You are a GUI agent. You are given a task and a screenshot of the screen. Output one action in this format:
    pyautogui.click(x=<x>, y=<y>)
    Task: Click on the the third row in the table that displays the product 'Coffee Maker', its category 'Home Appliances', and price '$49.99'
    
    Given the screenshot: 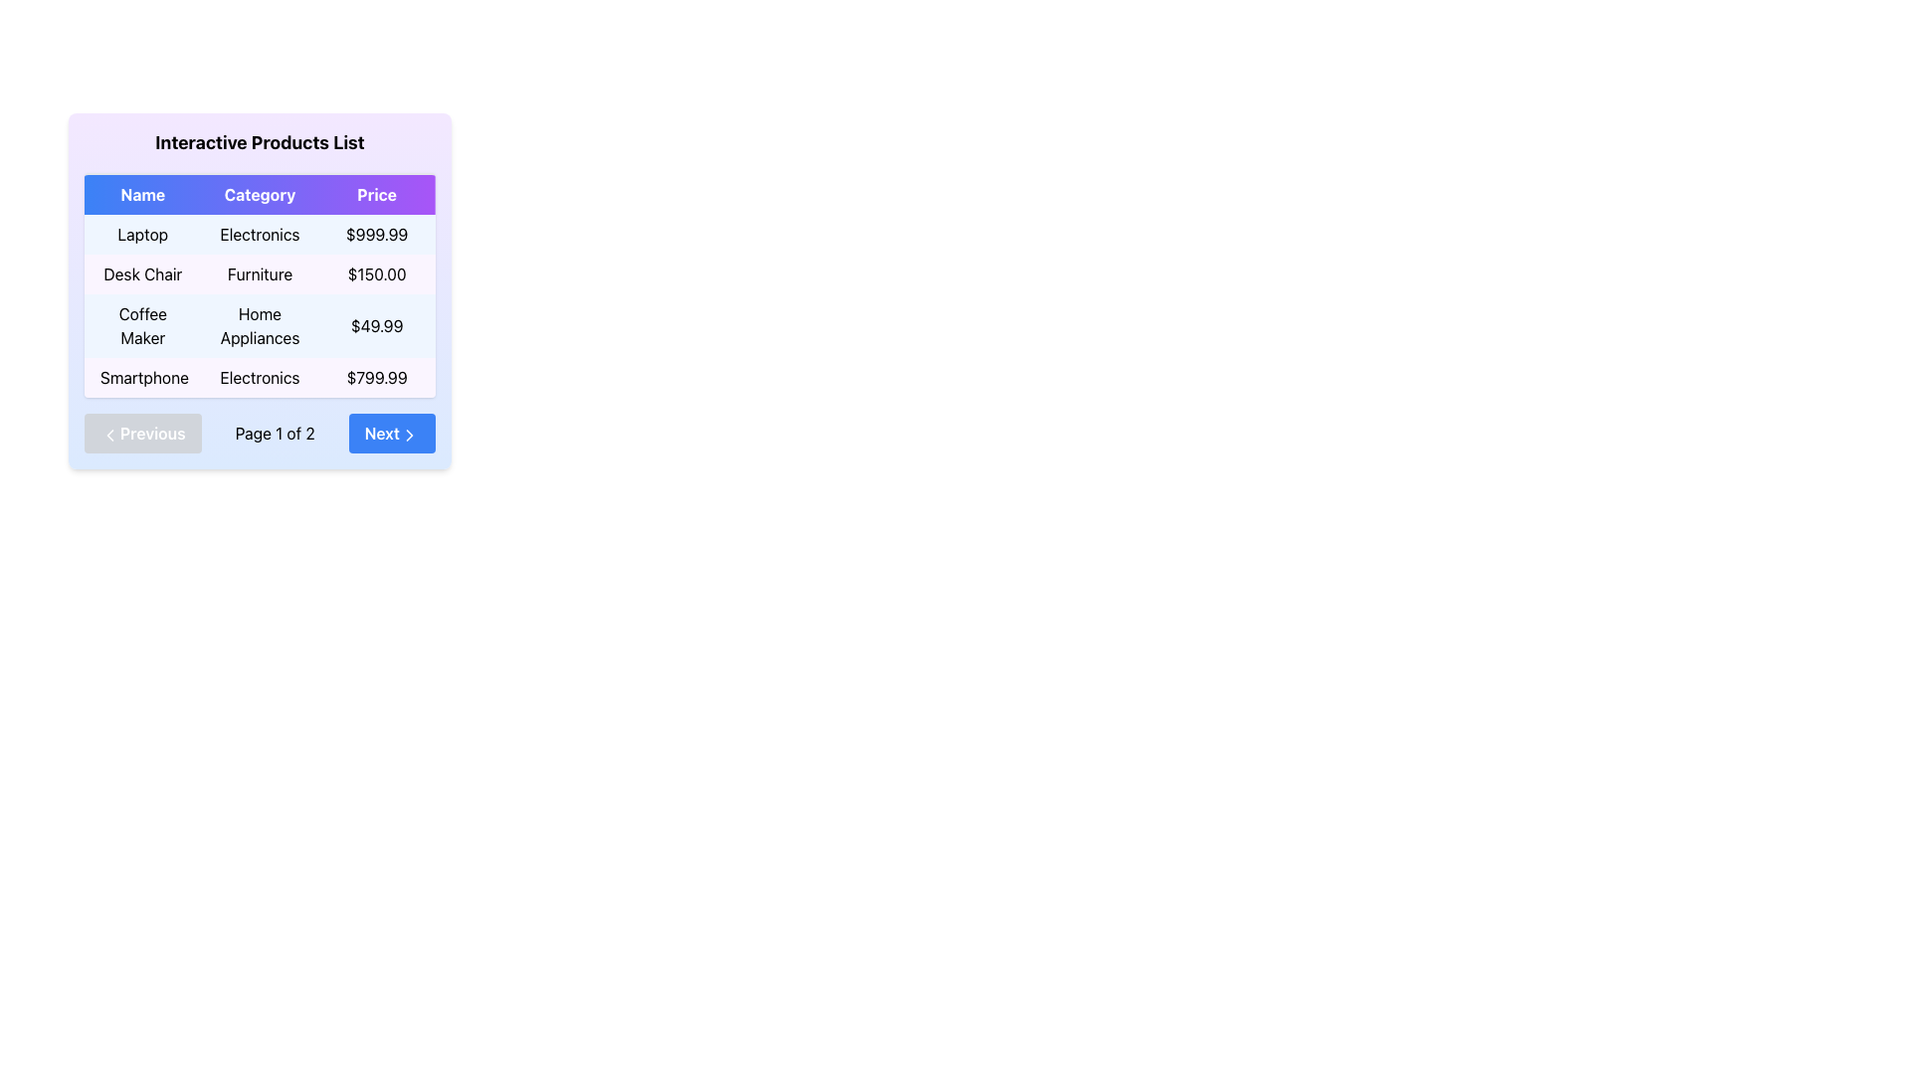 What is the action you would take?
    pyautogui.click(x=259, y=324)
    